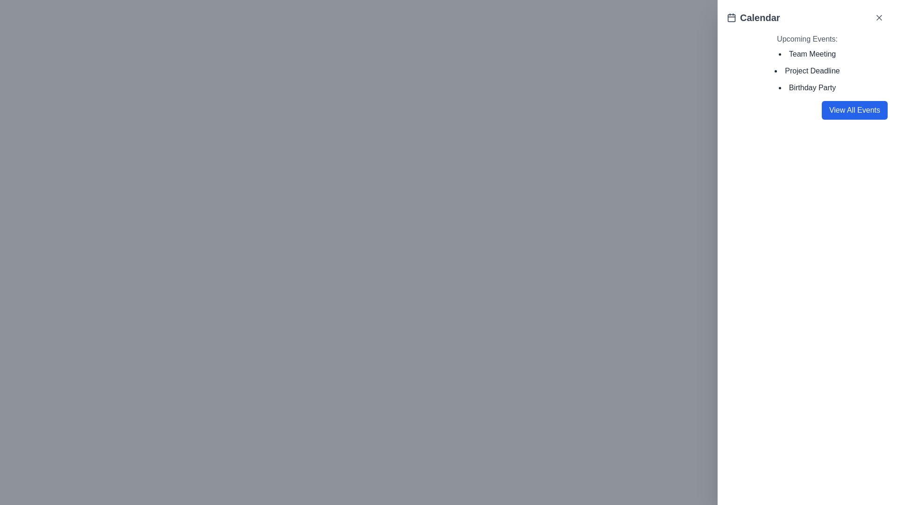 The height and width of the screenshot is (505, 897). What do you see at coordinates (878, 18) in the screenshot?
I see `the close button located in the upper-right corner of the Calendar section` at bounding box center [878, 18].